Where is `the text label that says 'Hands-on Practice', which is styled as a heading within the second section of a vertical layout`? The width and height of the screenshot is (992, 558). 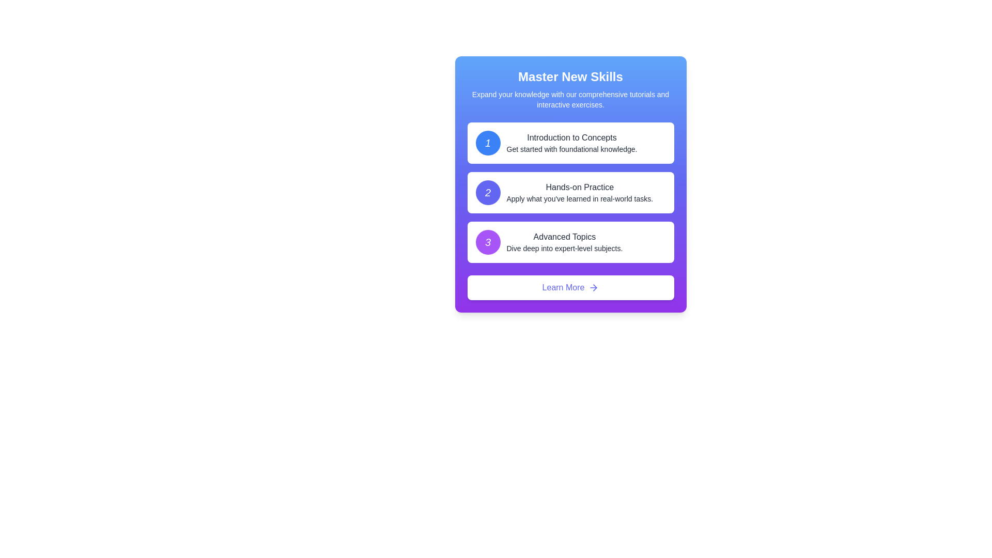 the text label that says 'Hands-on Practice', which is styled as a heading within the second section of a vertical layout is located at coordinates (580, 187).